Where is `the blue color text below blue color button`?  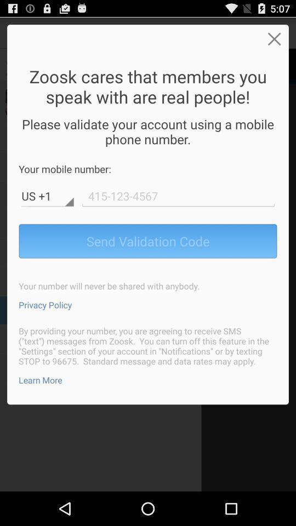 the blue color text below blue color button is located at coordinates (44, 305).